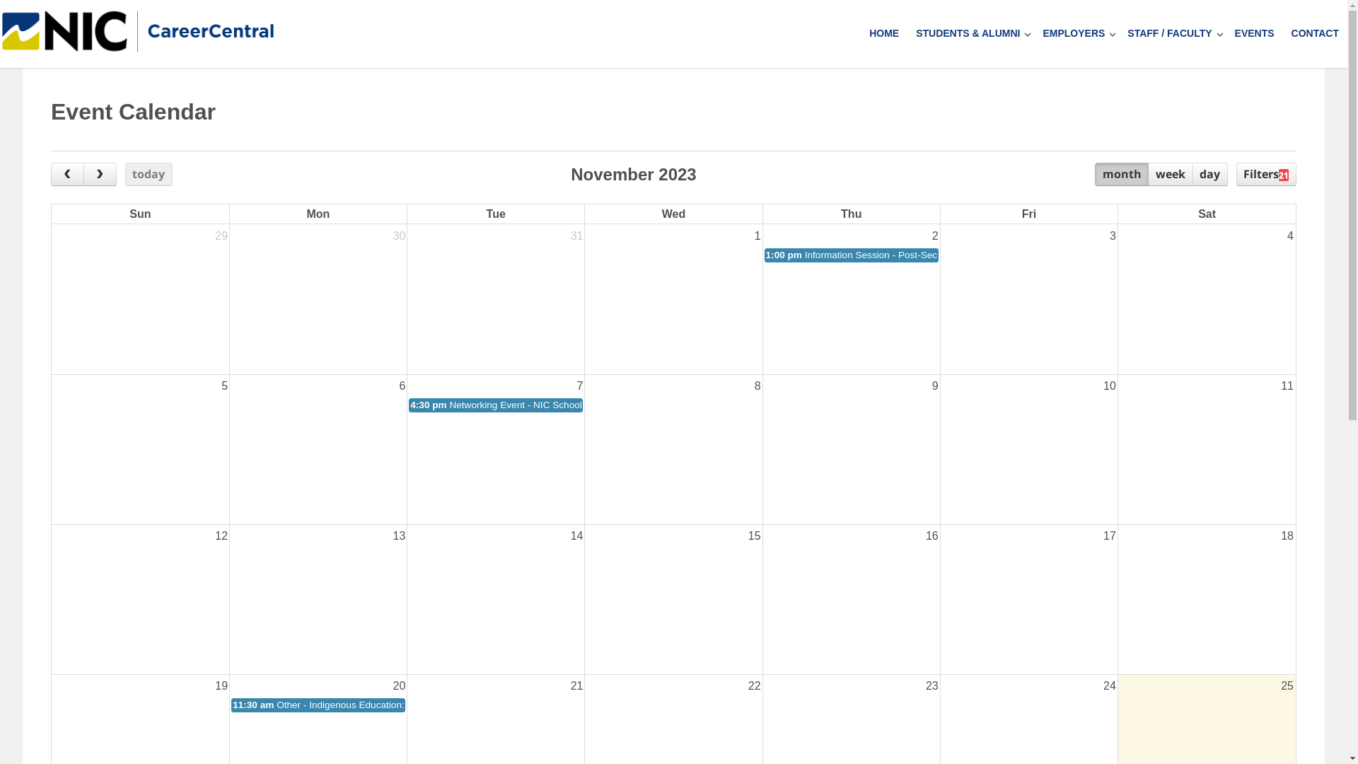 This screenshot has height=764, width=1358. Describe the element at coordinates (1209, 173) in the screenshot. I see `'day'` at that location.